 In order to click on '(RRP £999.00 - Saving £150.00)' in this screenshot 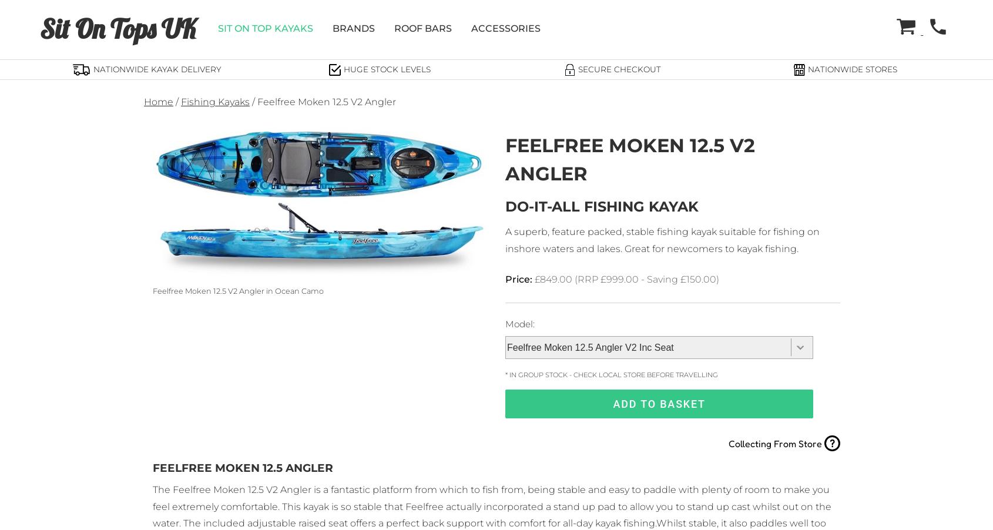, I will do `click(575, 279)`.